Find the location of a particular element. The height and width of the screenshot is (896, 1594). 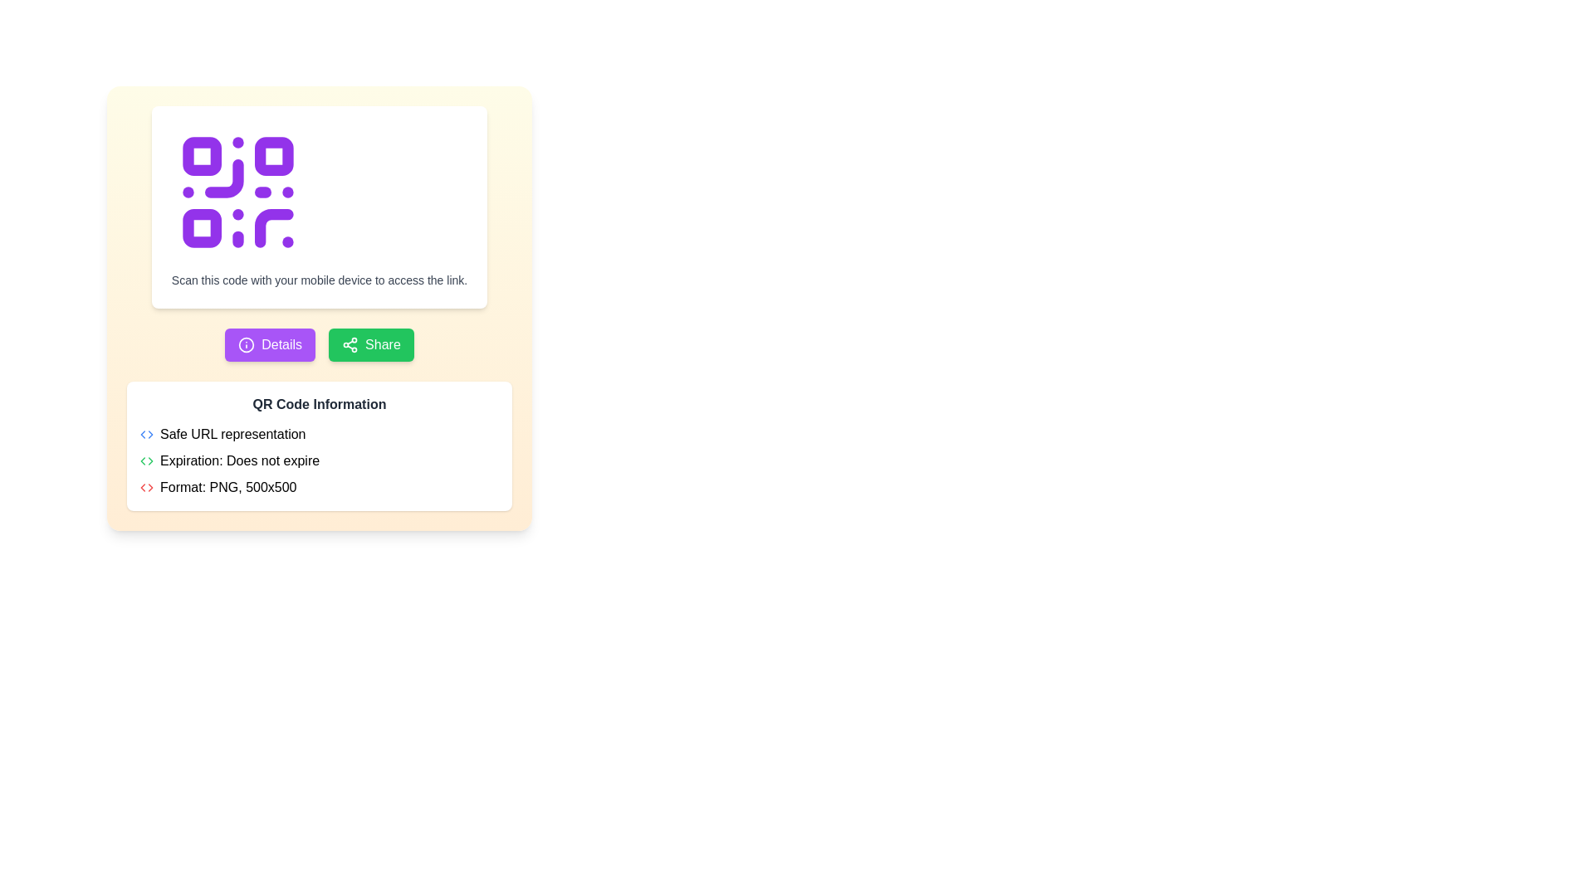

the purple 'Details' button with rounded corners is located at coordinates (270, 344).